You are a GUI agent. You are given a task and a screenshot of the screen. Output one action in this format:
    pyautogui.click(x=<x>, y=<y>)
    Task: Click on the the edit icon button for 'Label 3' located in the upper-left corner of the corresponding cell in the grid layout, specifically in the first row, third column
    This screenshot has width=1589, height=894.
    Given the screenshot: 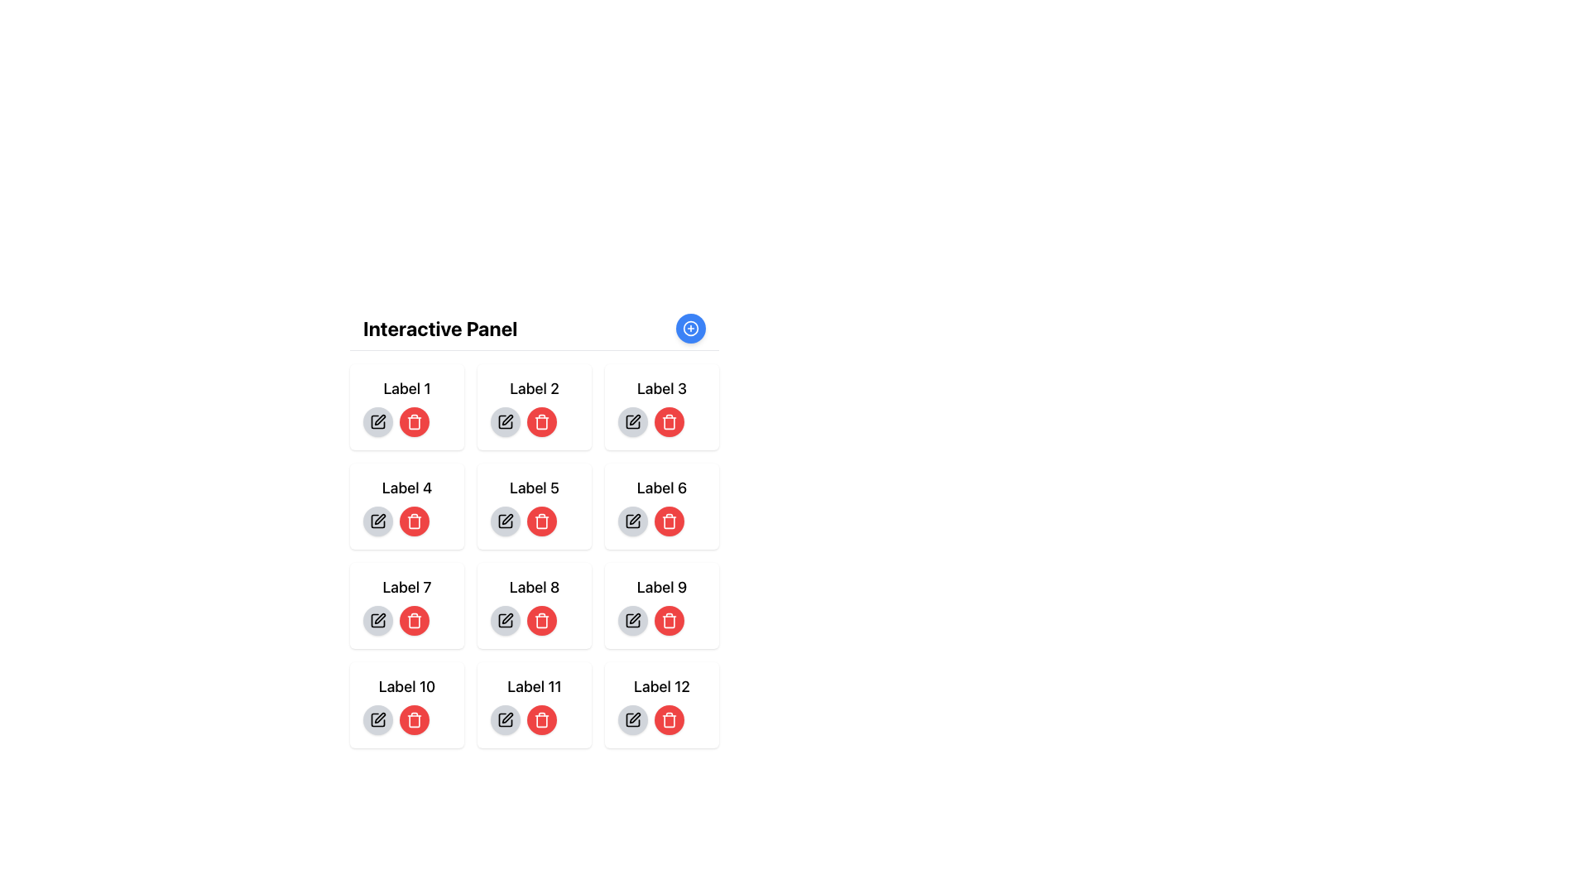 What is the action you would take?
    pyautogui.click(x=631, y=421)
    